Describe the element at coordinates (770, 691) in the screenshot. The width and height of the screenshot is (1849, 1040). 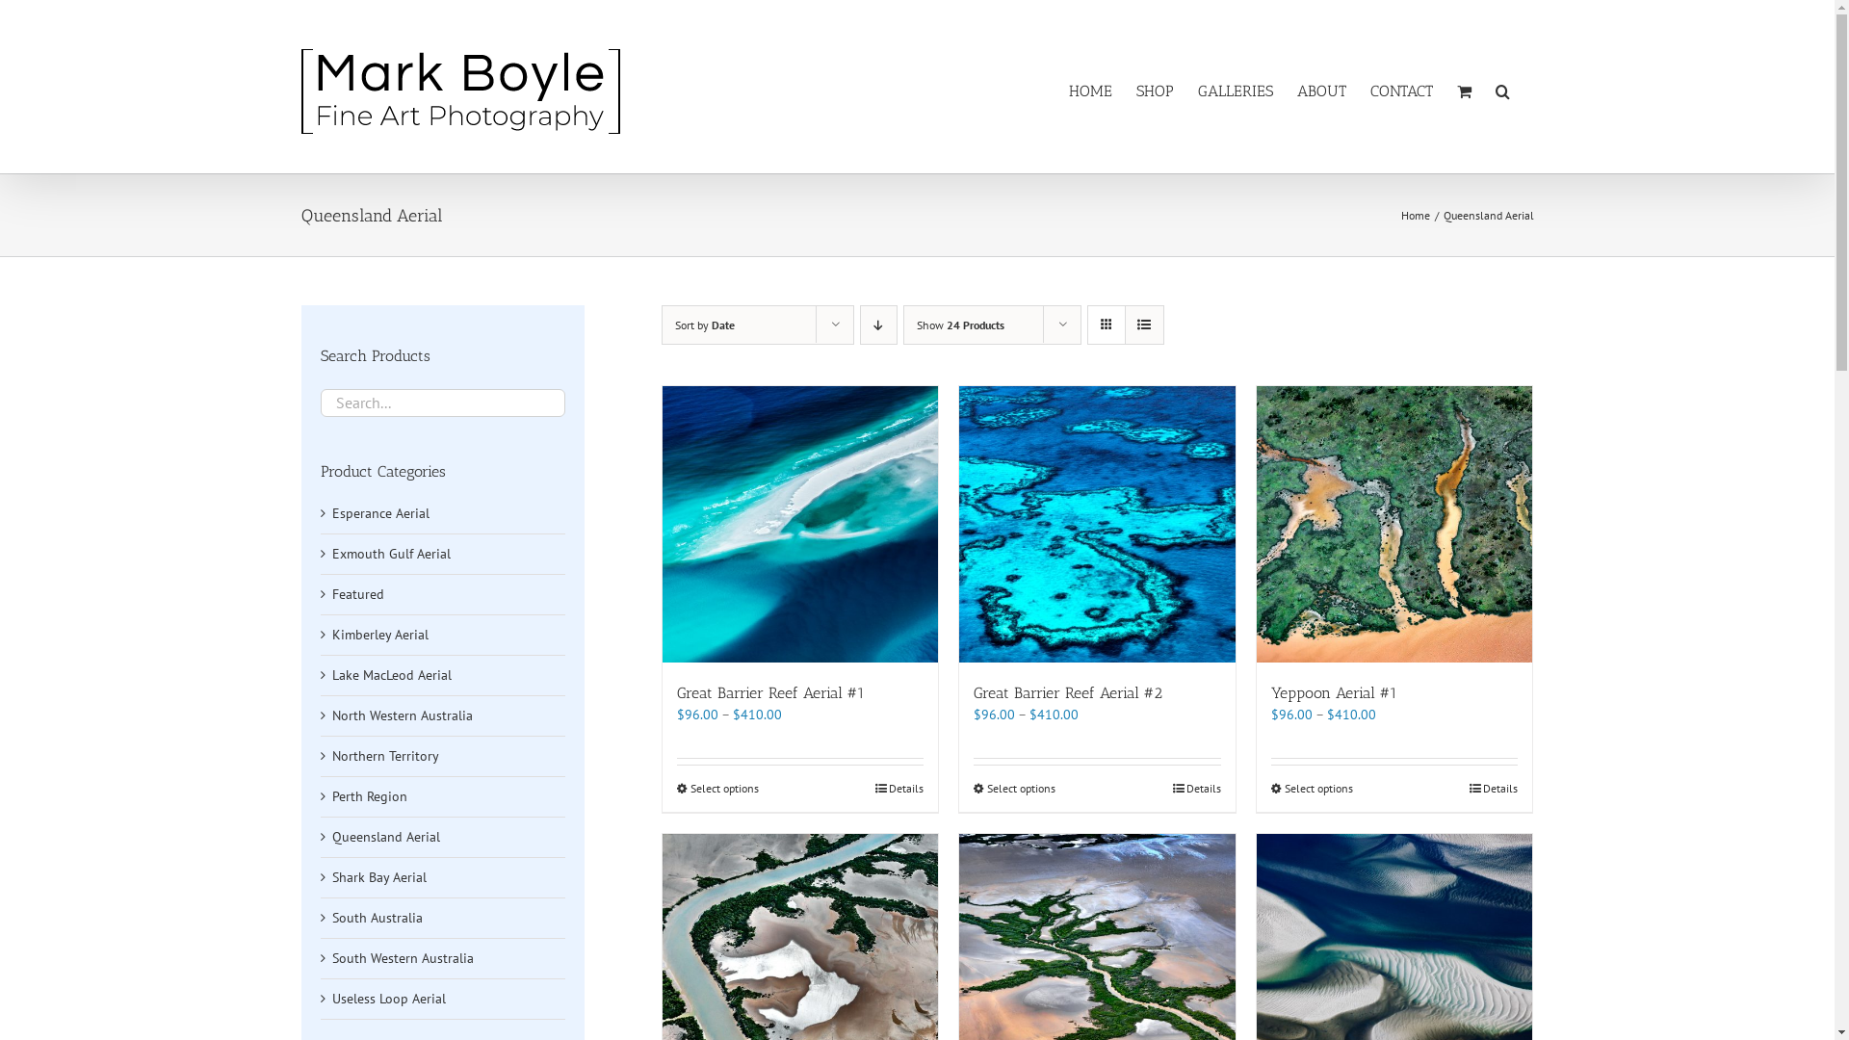
I see `'Great Barrier Reef Aerial #1'` at that location.